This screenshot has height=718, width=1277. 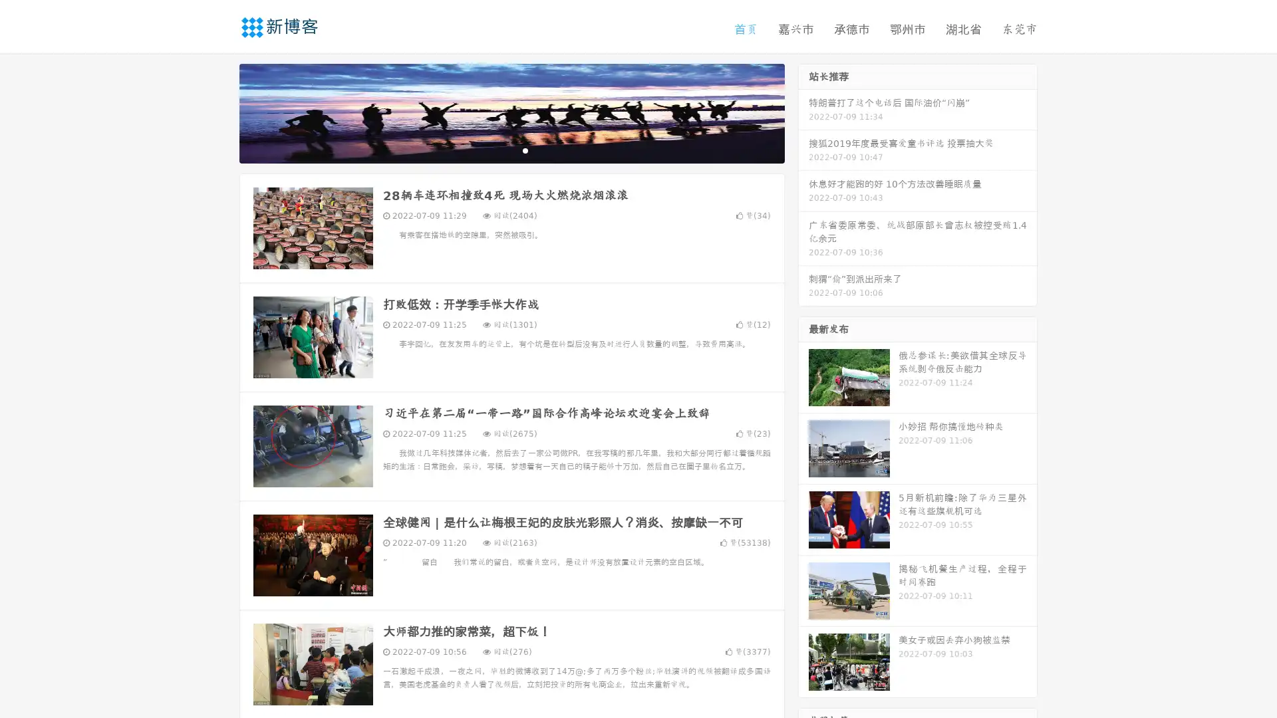 I want to click on Previous slide, so click(x=219, y=112).